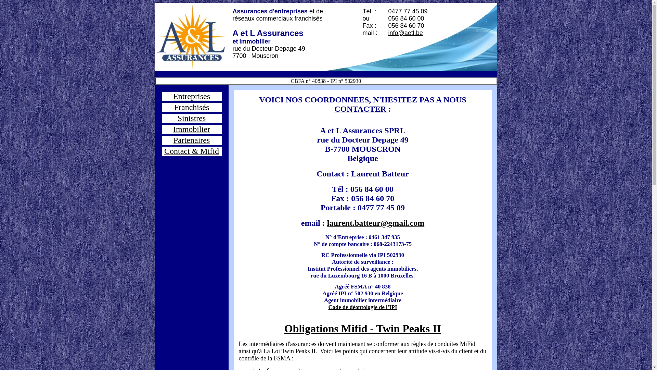 Image resolution: width=657 pixels, height=370 pixels. I want to click on 'info@aetl.be', so click(405, 33).